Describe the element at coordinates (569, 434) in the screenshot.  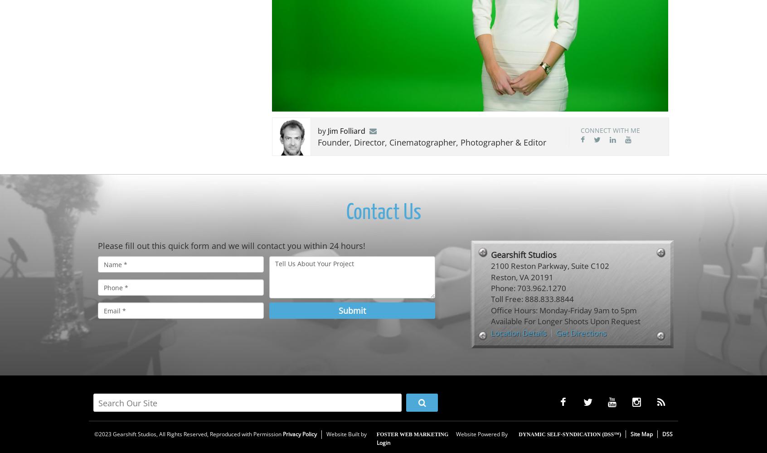
I see `'Dynamic Self-Syndication (DSS™)'` at that location.